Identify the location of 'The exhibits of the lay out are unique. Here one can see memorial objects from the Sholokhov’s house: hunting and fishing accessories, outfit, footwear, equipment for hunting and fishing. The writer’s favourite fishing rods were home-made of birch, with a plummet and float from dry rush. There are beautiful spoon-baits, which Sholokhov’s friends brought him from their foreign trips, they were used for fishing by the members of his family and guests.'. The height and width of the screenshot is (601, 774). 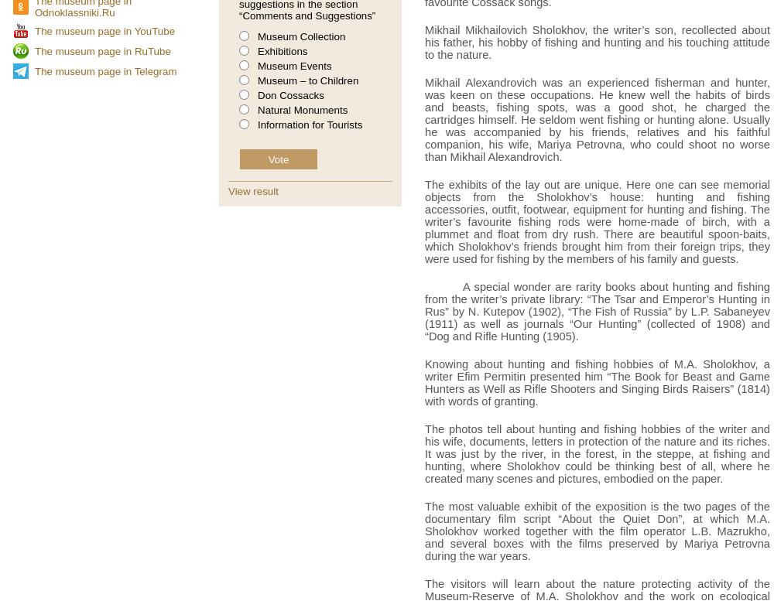
(598, 221).